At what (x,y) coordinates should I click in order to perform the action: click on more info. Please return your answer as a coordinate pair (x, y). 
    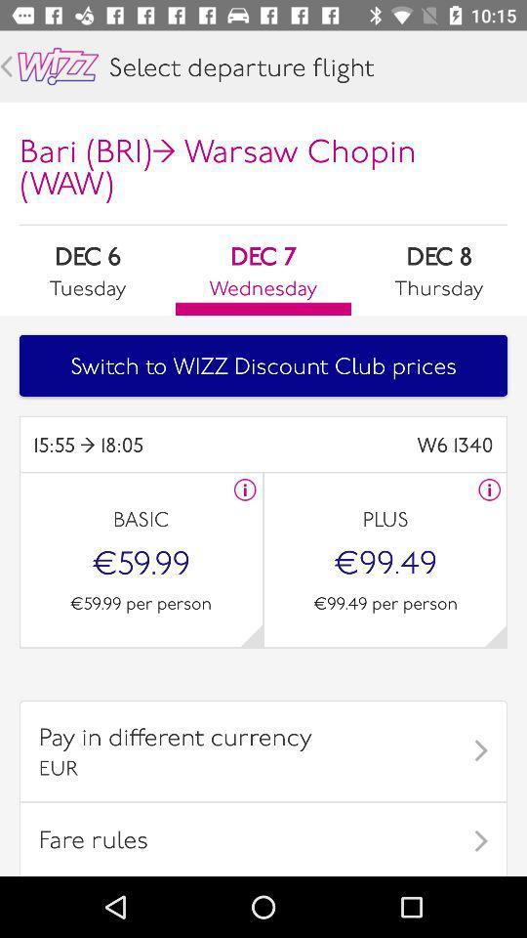
    Looking at the image, I should click on (245, 489).